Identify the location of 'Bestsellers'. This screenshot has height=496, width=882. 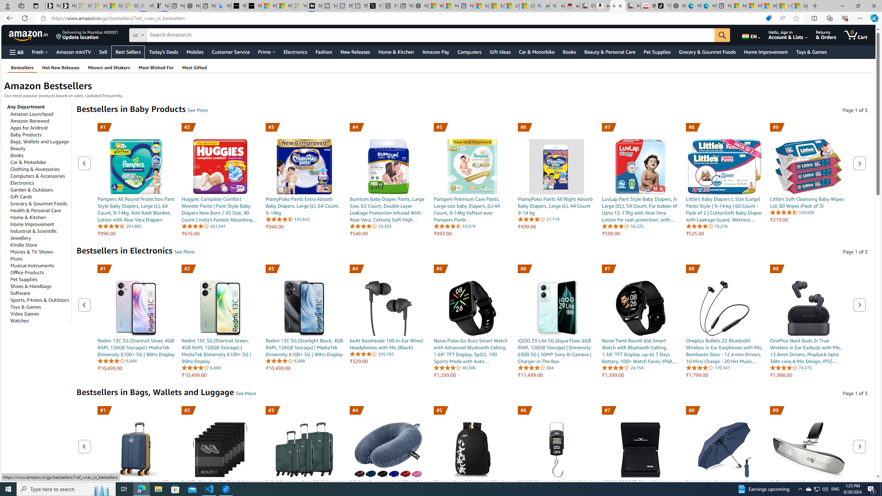
(22, 67).